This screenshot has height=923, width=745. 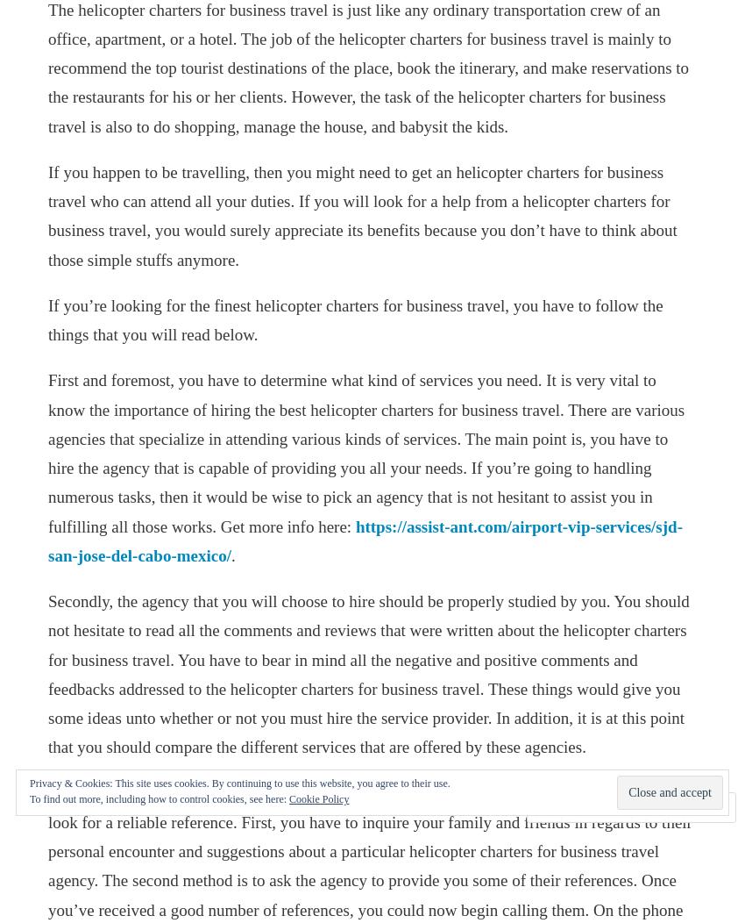 I want to click on 'The helicopter charters for business travel is just like any ordinary transportation crew of an office, apartment, or a hotel. The job of the helicopter charters for business travel is mainly to recommend the top tourist destinations of the place, book the itinerary, and make reservations to the restaurants for his or her clients. However, the task of the helicopter charters for business travel is also to do shopping, manage the house, and babysit the kids.', so click(x=368, y=67).